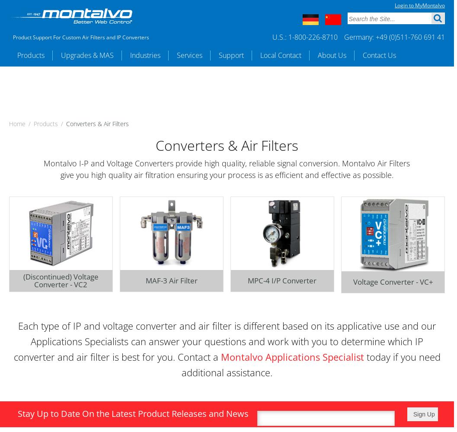 The width and height of the screenshot is (457, 432). I want to click on '1-800-226-8710', so click(313, 37).